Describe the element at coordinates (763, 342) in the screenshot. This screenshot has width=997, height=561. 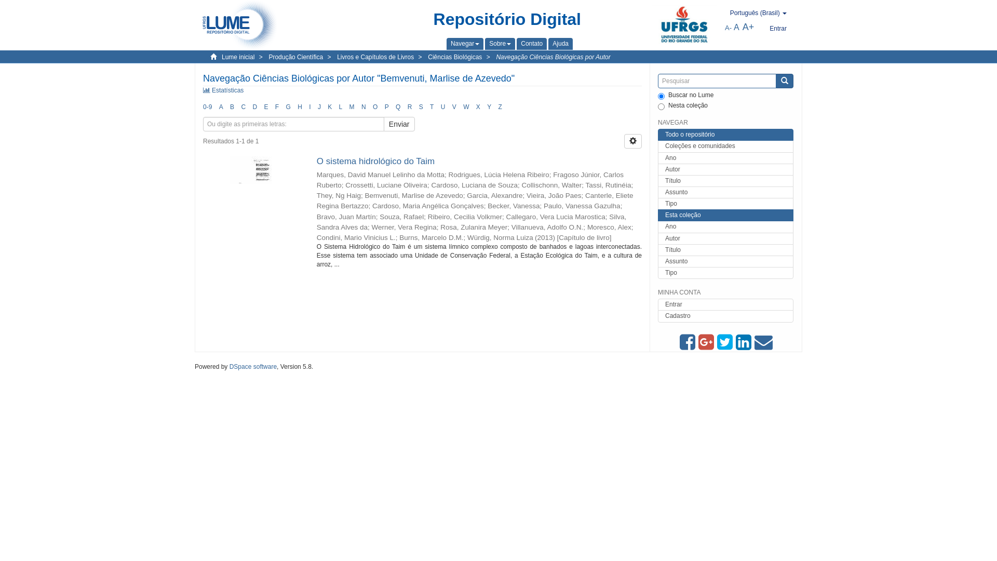
I see `'Compartilhar via E-mail'` at that location.